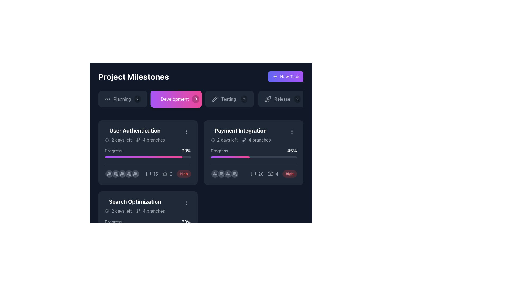 This screenshot has width=522, height=294. What do you see at coordinates (283, 99) in the screenshot?
I see `the 'Release' button, which is the fourth button in the group under 'Project Milestones'` at bounding box center [283, 99].